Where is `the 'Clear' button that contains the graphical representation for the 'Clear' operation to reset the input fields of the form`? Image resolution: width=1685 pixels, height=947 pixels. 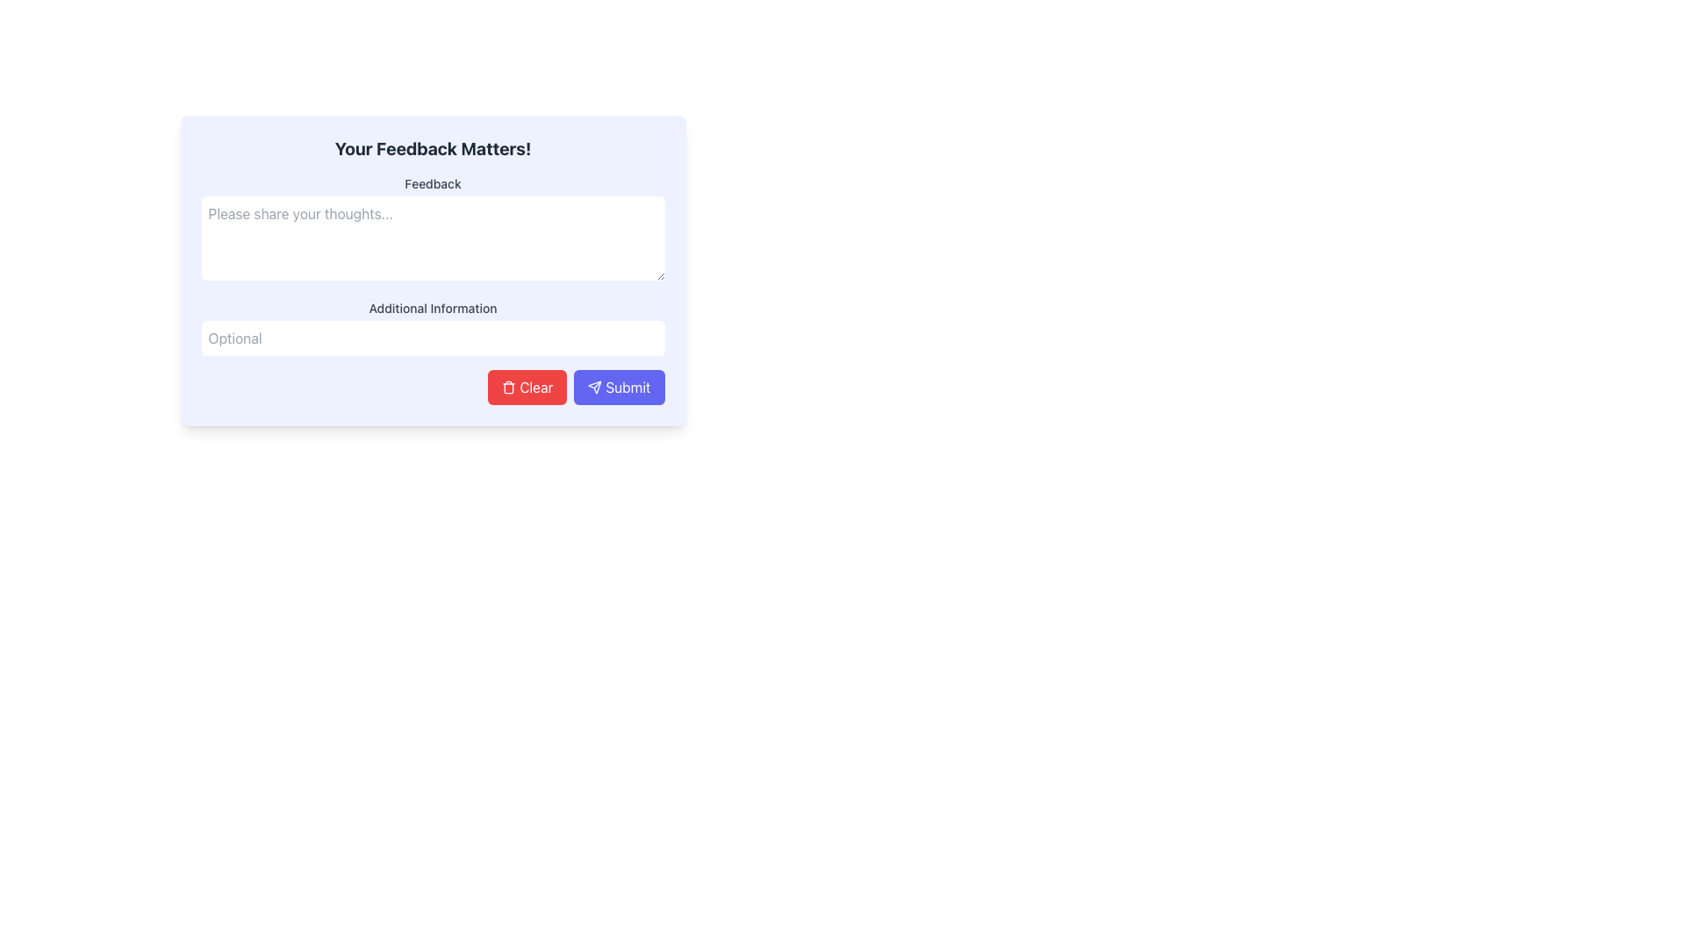 the 'Clear' button that contains the graphical representation for the 'Clear' operation to reset the input fields of the form is located at coordinates (508, 387).